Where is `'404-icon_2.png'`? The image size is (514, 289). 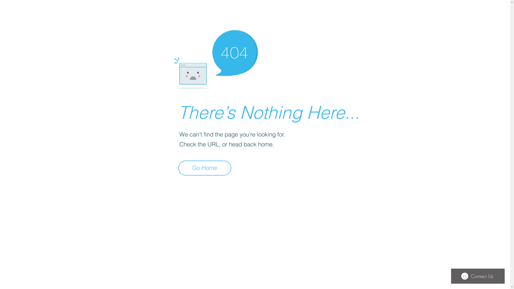
'404-icon_2.png' is located at coordinates (216, 58).